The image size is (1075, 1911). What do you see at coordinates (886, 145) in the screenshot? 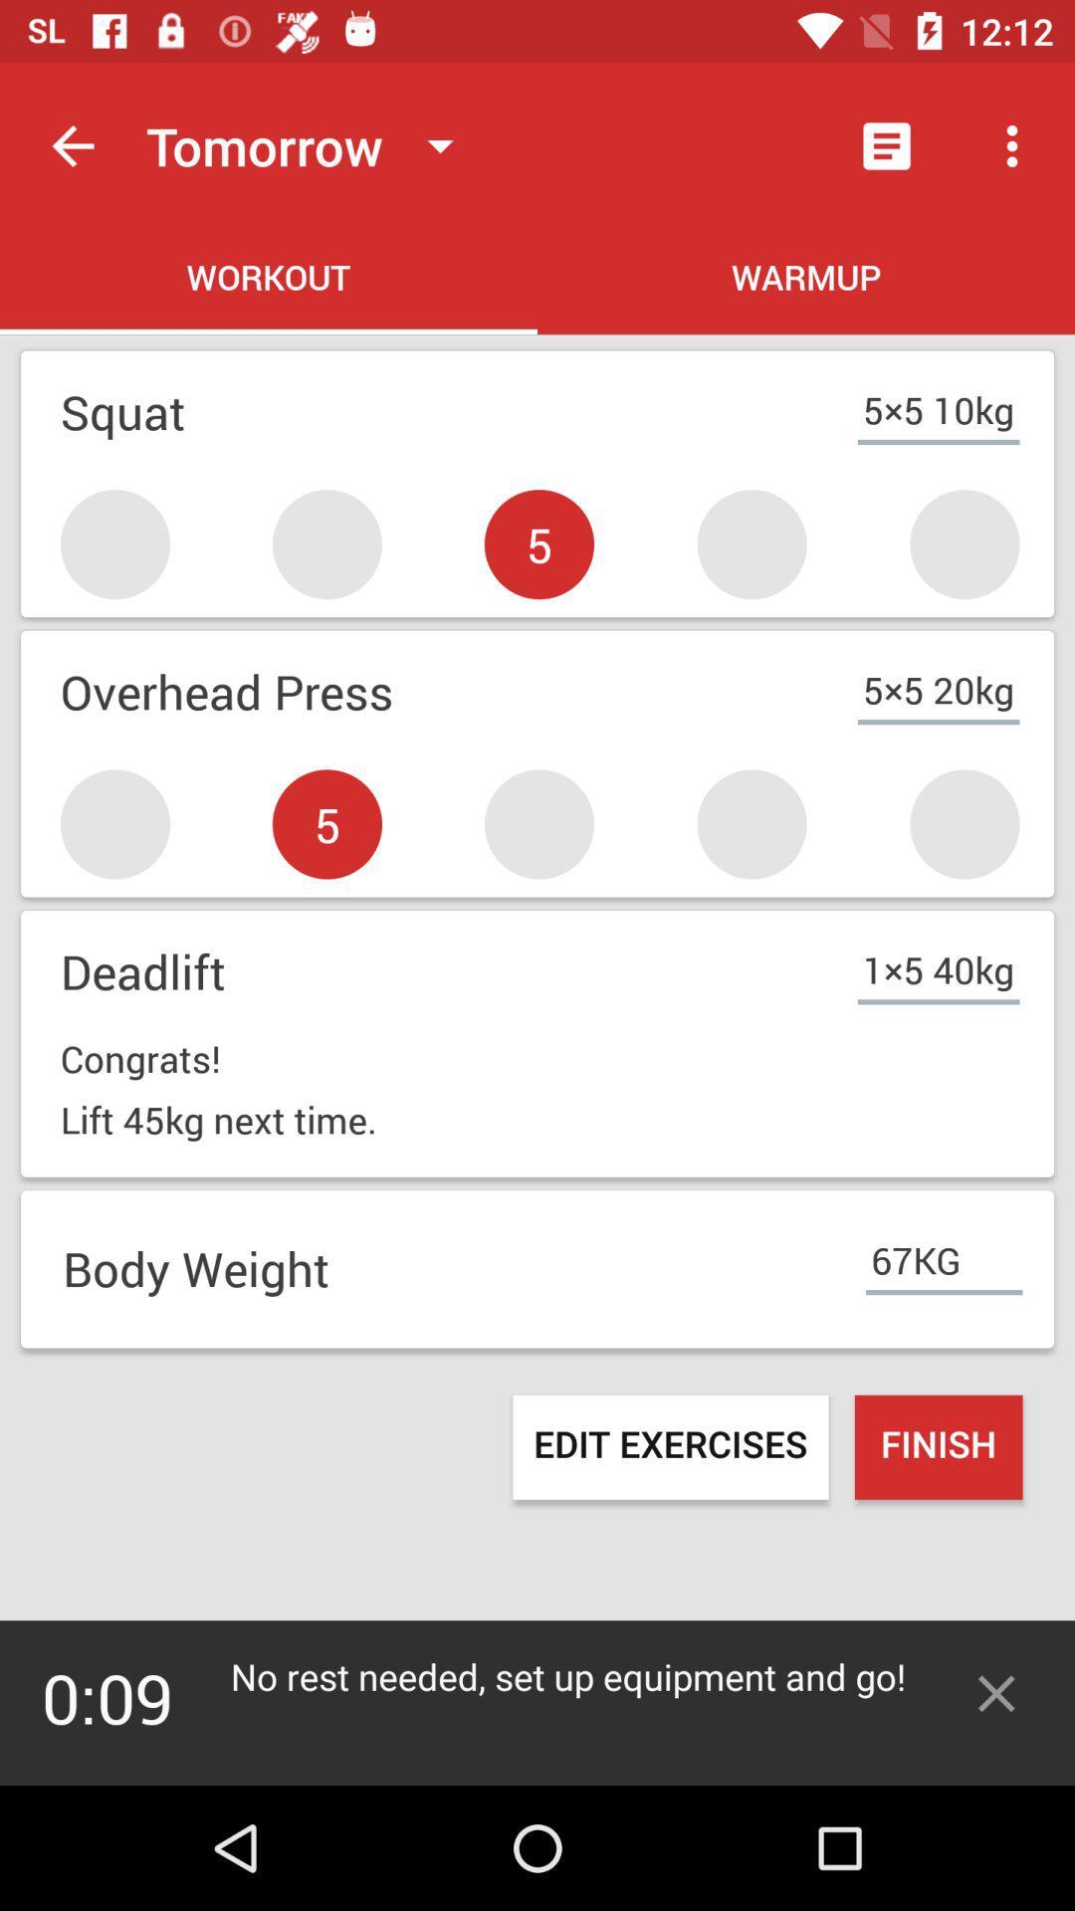
I see `left of menu` at bounding box center [886, 145].